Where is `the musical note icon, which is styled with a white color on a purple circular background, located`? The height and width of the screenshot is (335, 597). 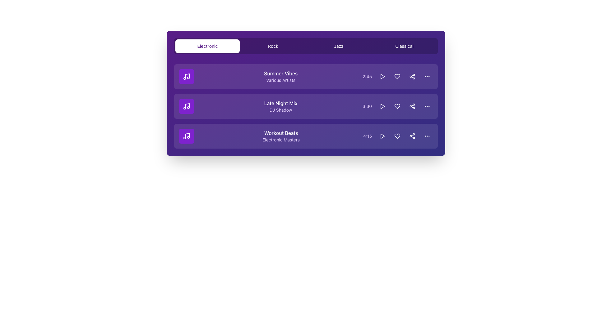 the musical note icon, which is styled with a white color on a purple circular background, located is located at coordinates (186, 136).